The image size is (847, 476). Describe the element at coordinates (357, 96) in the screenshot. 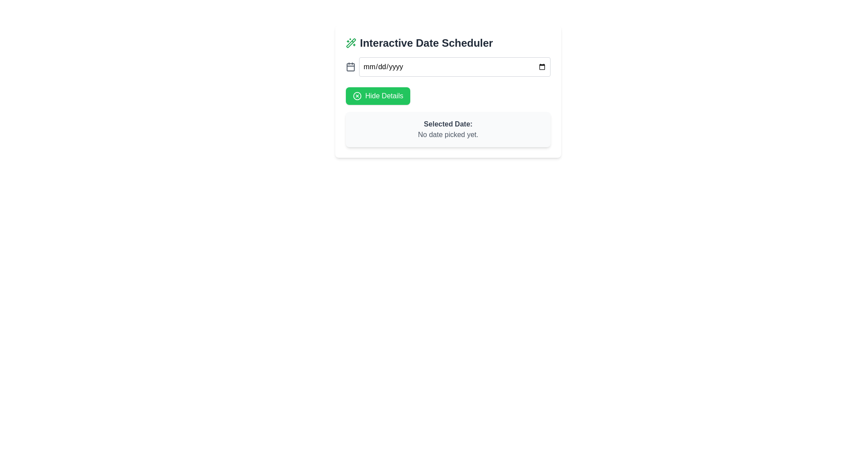

I see `the circular icon within the green 'Hide Details' button` at that location.